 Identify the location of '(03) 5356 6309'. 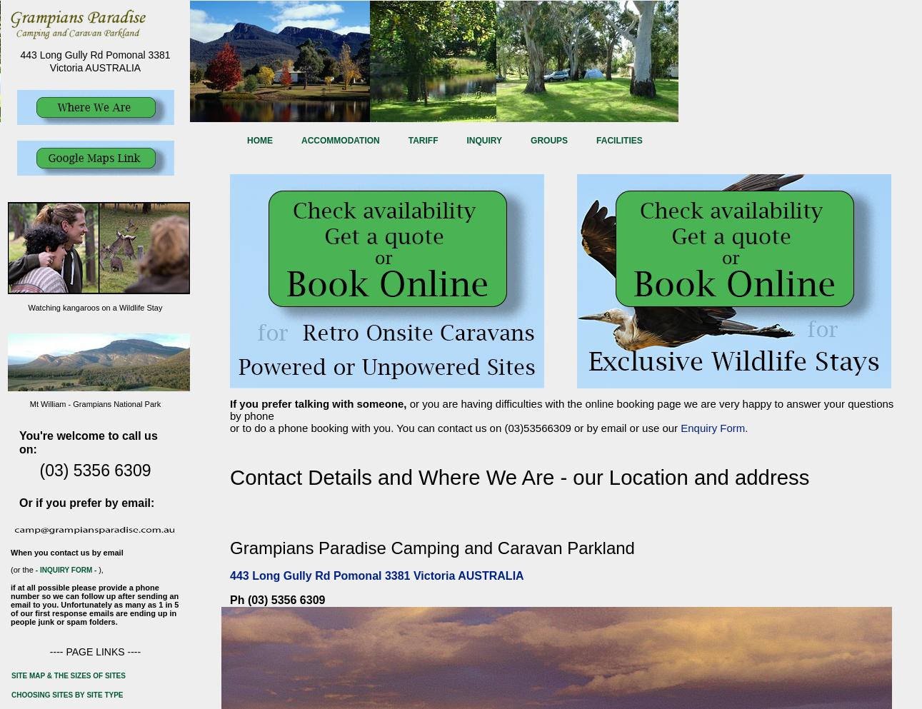
(94, 469).